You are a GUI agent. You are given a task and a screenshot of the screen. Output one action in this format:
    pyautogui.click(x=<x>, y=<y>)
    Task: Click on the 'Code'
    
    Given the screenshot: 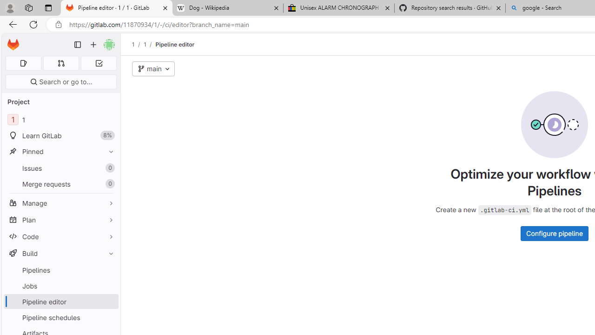 What is the action you would take?
    pyautogui.click(x=60, y=236)
    